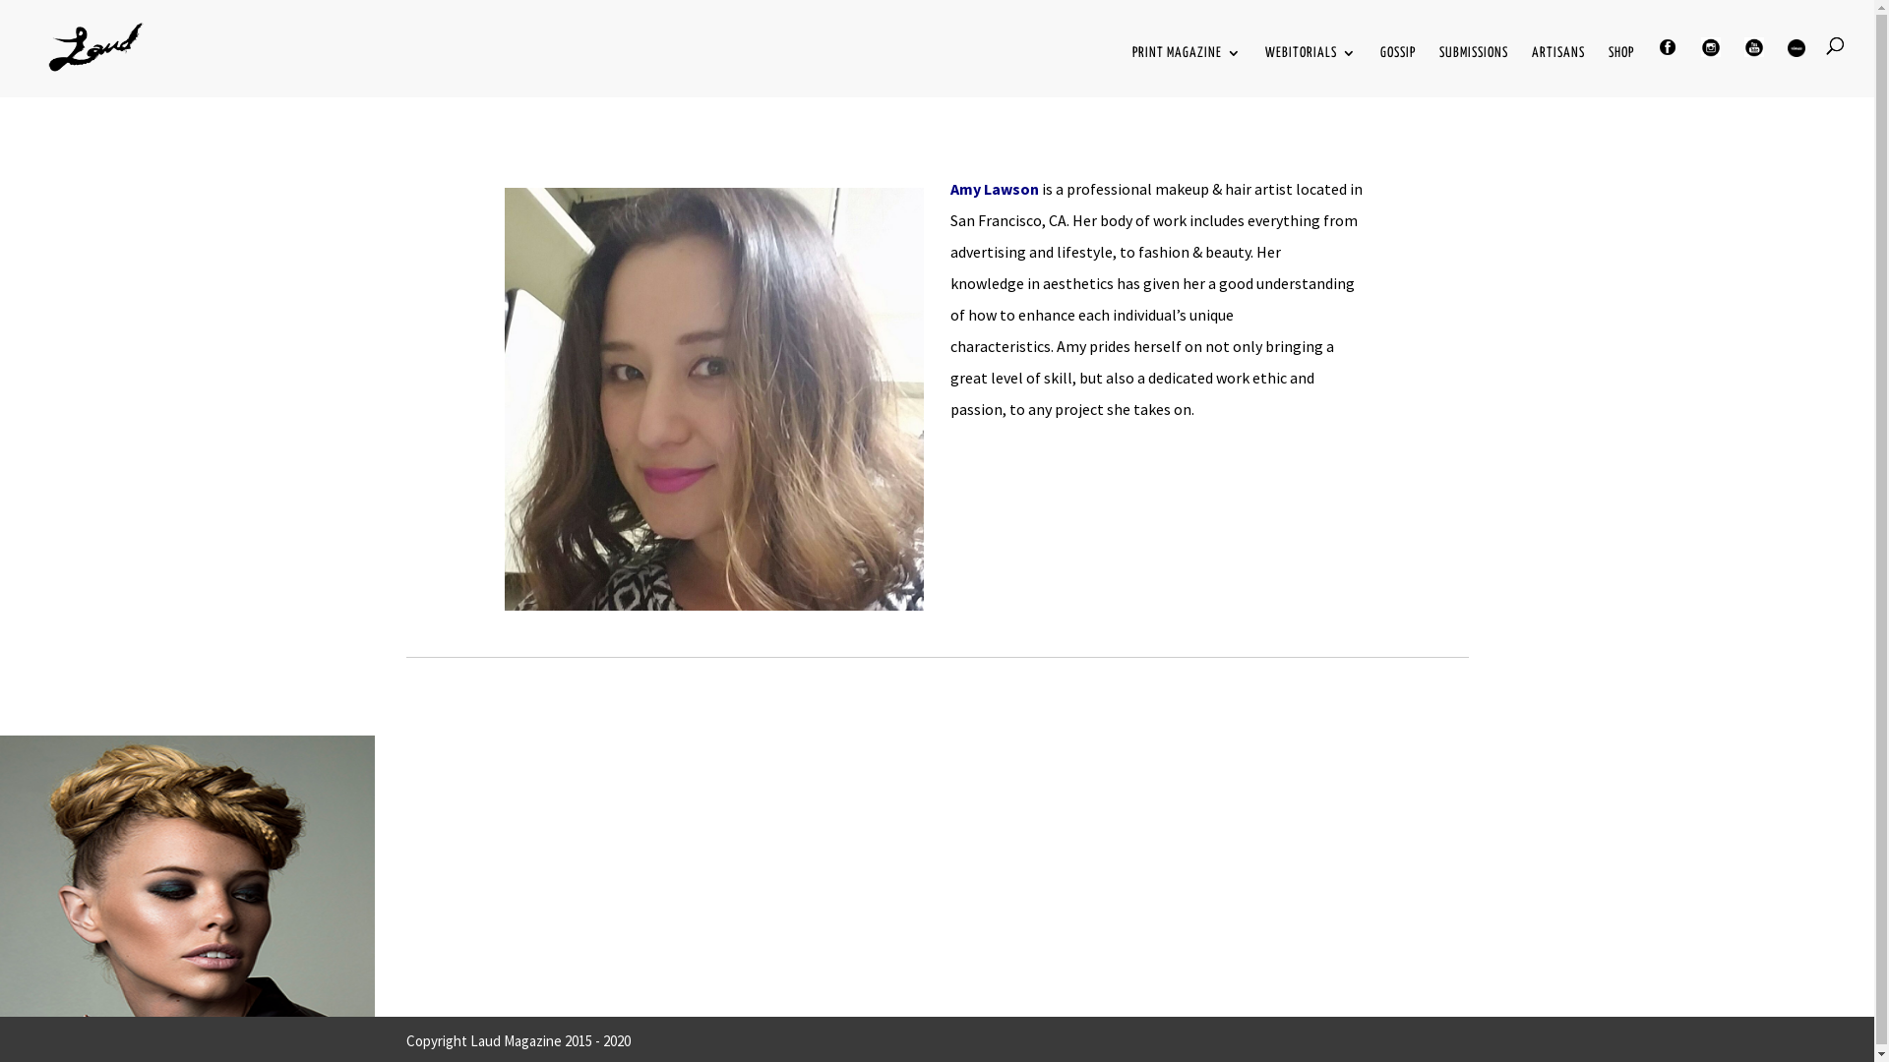 Image resolution: width=1889 pixels, height=1062 pixels. What do you see at coordinates (1557, 71) in the screenshot?
I see `'ARTISANS'` at bounding box center [1557, 71].